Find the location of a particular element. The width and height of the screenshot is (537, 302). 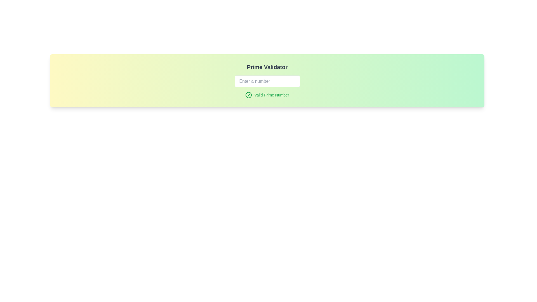

the numeric text input field with placeholder 'Enter a number' to focus on it is located at coordinates (267, 81).